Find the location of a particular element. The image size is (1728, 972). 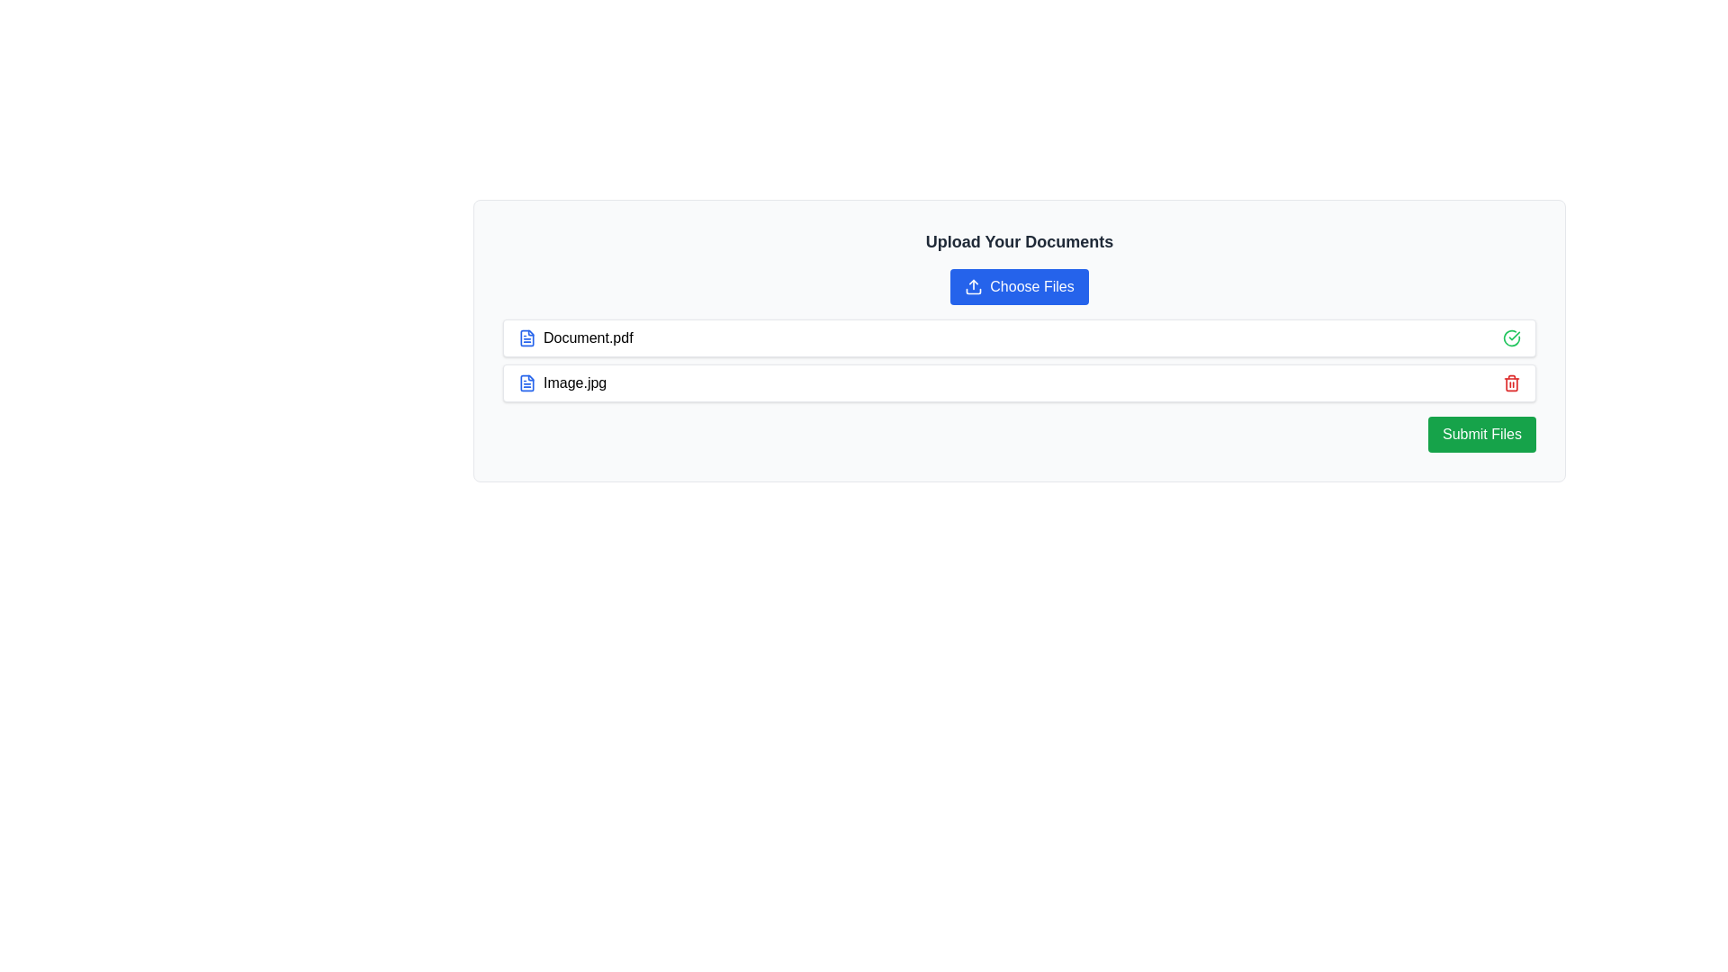

the green circular check icon located on the far right side of the list item labeled 'Document.pdf' is located at coordinates (1512, 337).